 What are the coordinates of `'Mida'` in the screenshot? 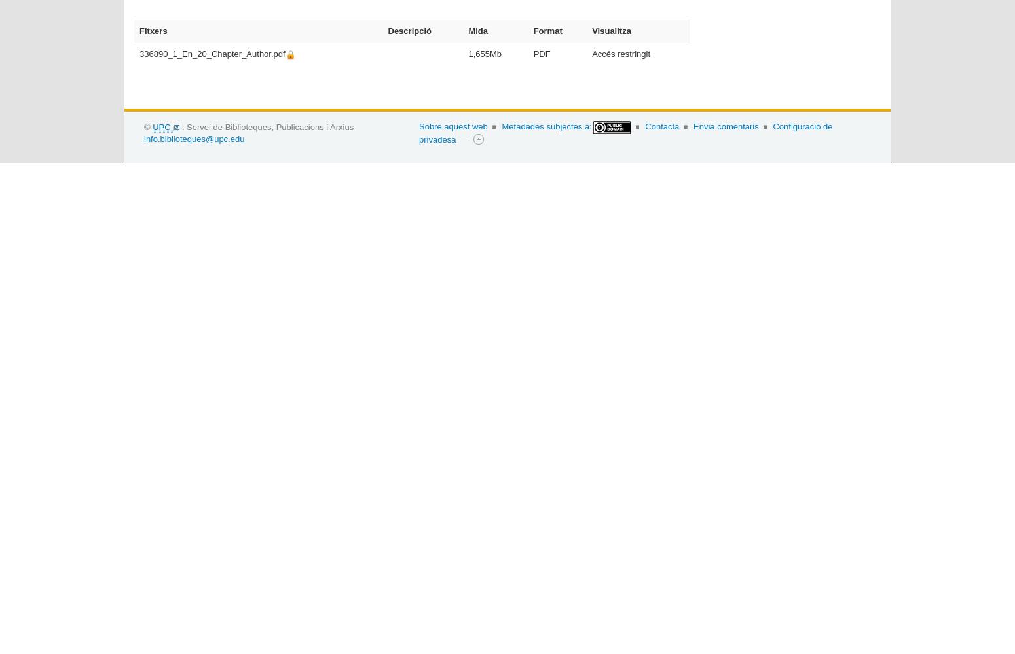 It's located at (478, 30).